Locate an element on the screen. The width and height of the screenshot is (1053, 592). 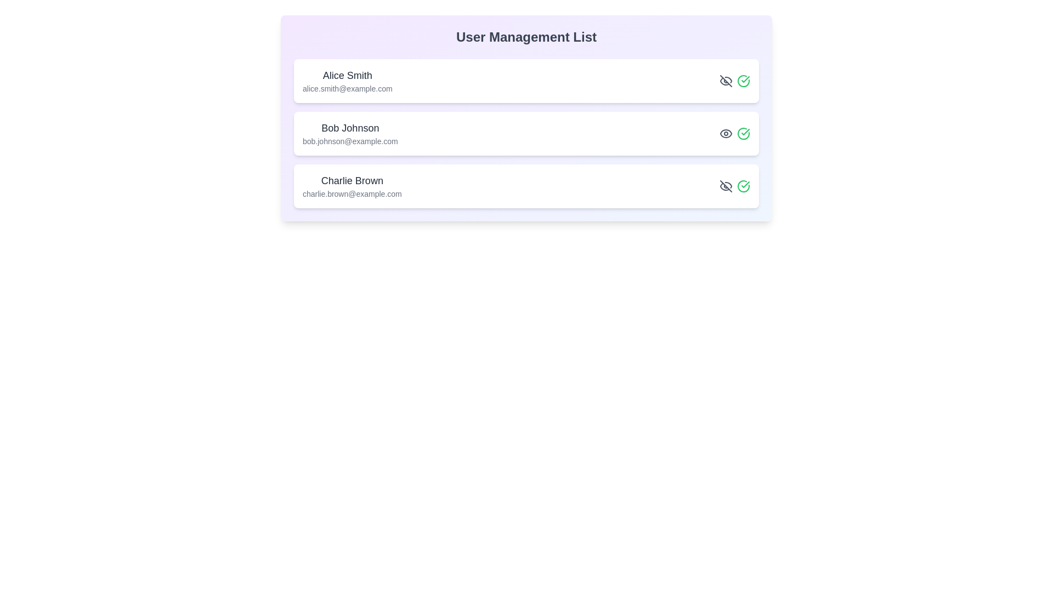
the visibility toggle button for user Alice Smith is located at coordinates (726, 80).